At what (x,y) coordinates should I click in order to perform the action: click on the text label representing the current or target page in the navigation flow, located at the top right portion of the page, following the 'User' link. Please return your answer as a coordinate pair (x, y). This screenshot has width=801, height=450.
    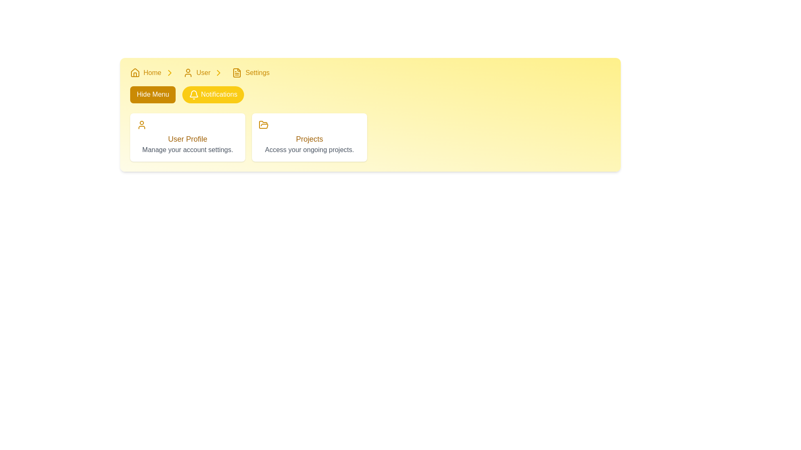
    Looking at the image, I should click on (257, 72).